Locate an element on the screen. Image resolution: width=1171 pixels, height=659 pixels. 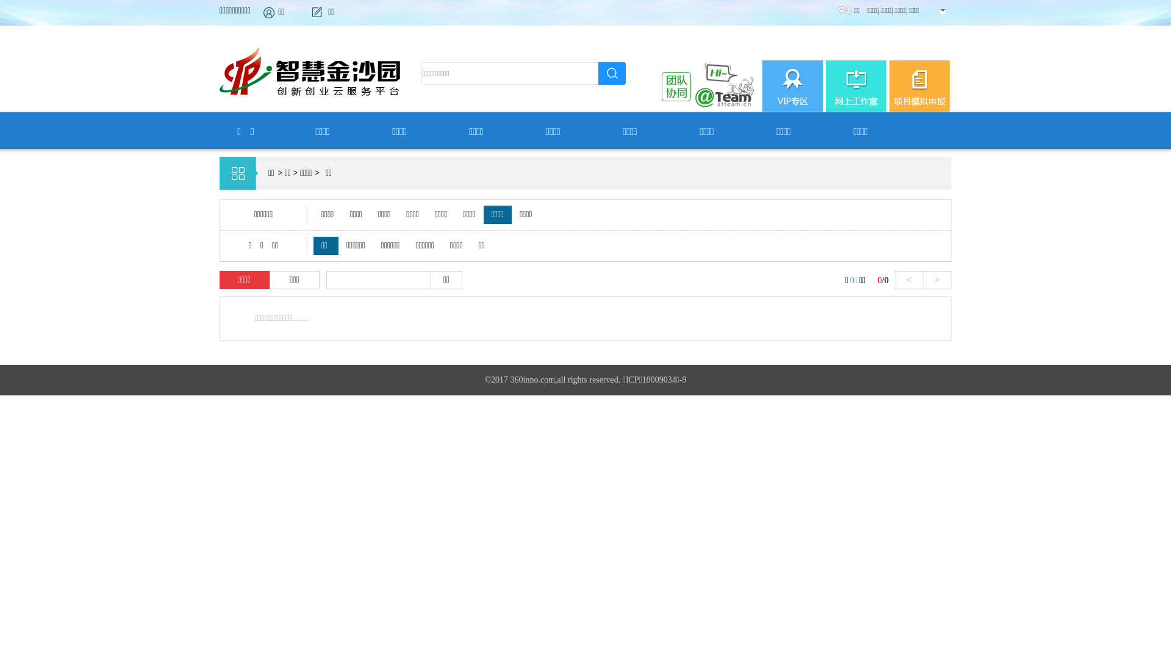
'>' is located at coordinates (936, 280).